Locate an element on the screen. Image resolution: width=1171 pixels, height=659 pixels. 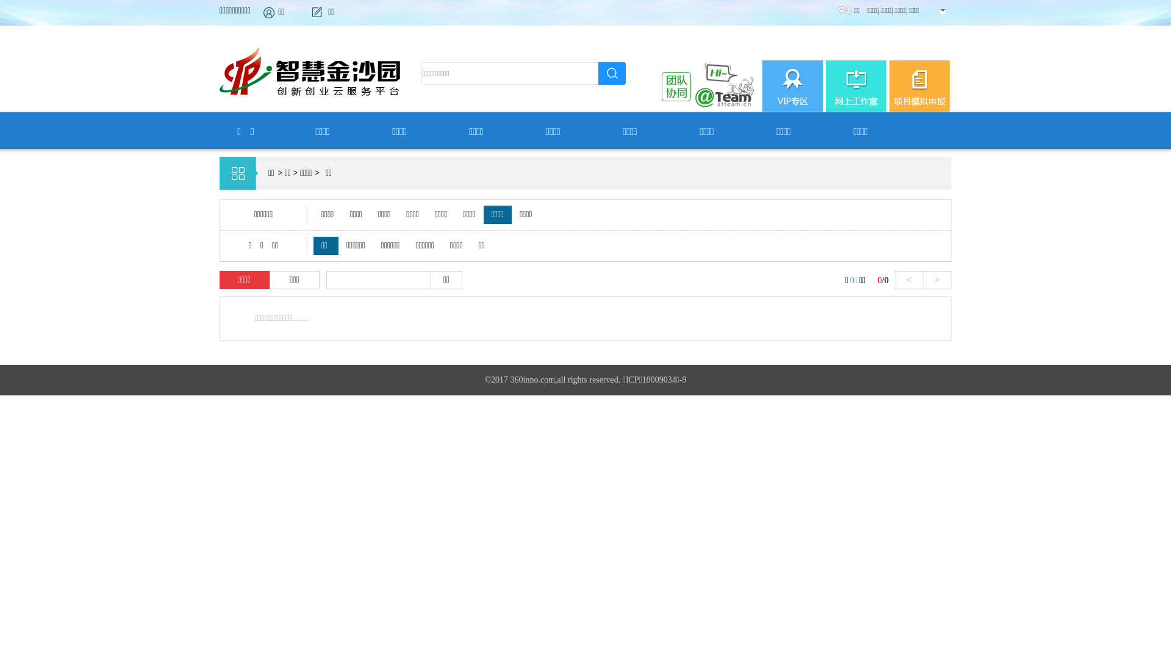
'>' is located at coordinates (936, 280).